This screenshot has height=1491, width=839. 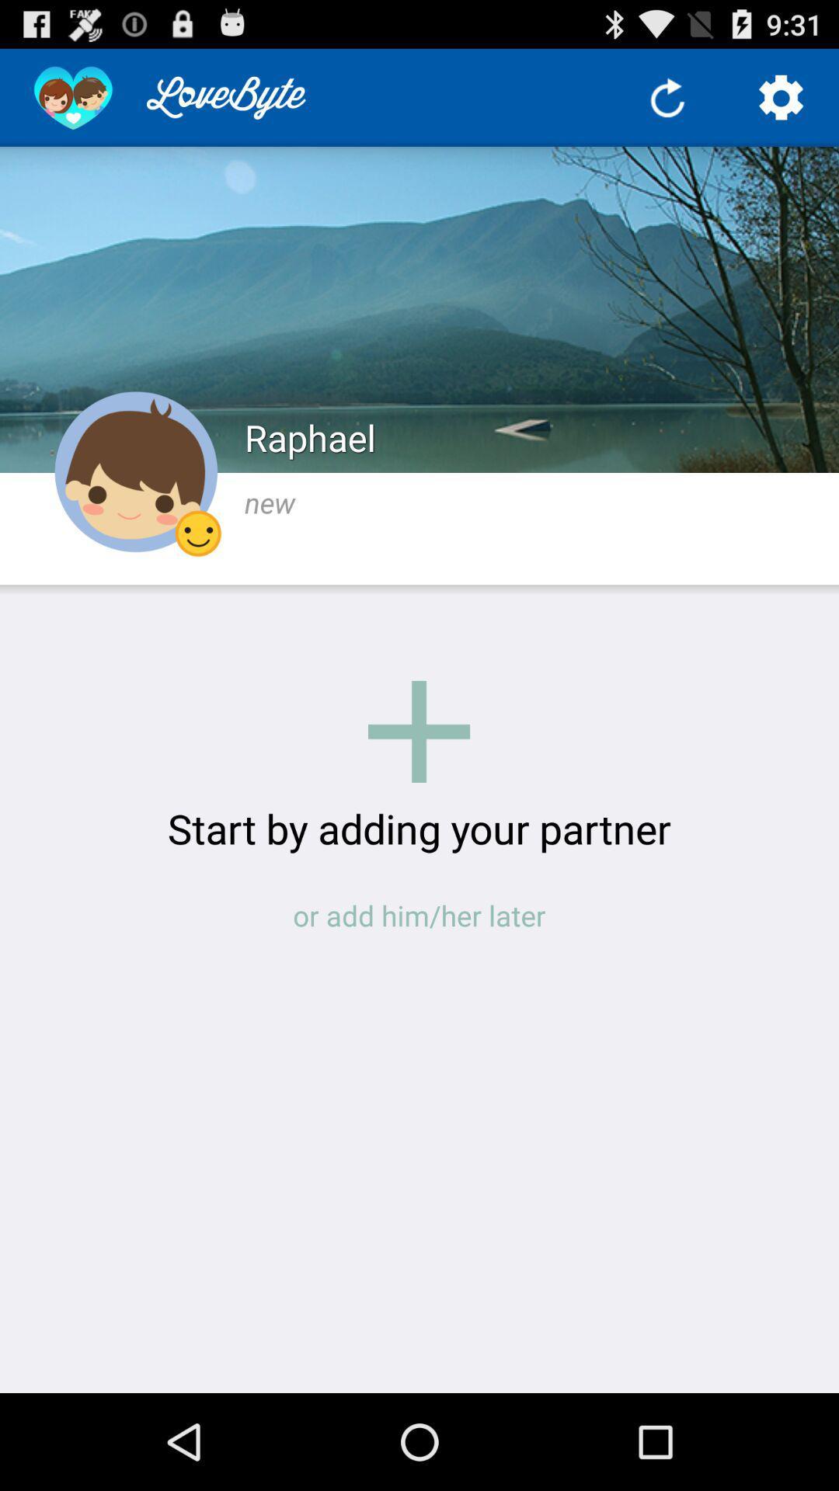 I want to click on avatar image, so click(x=135, y=471).